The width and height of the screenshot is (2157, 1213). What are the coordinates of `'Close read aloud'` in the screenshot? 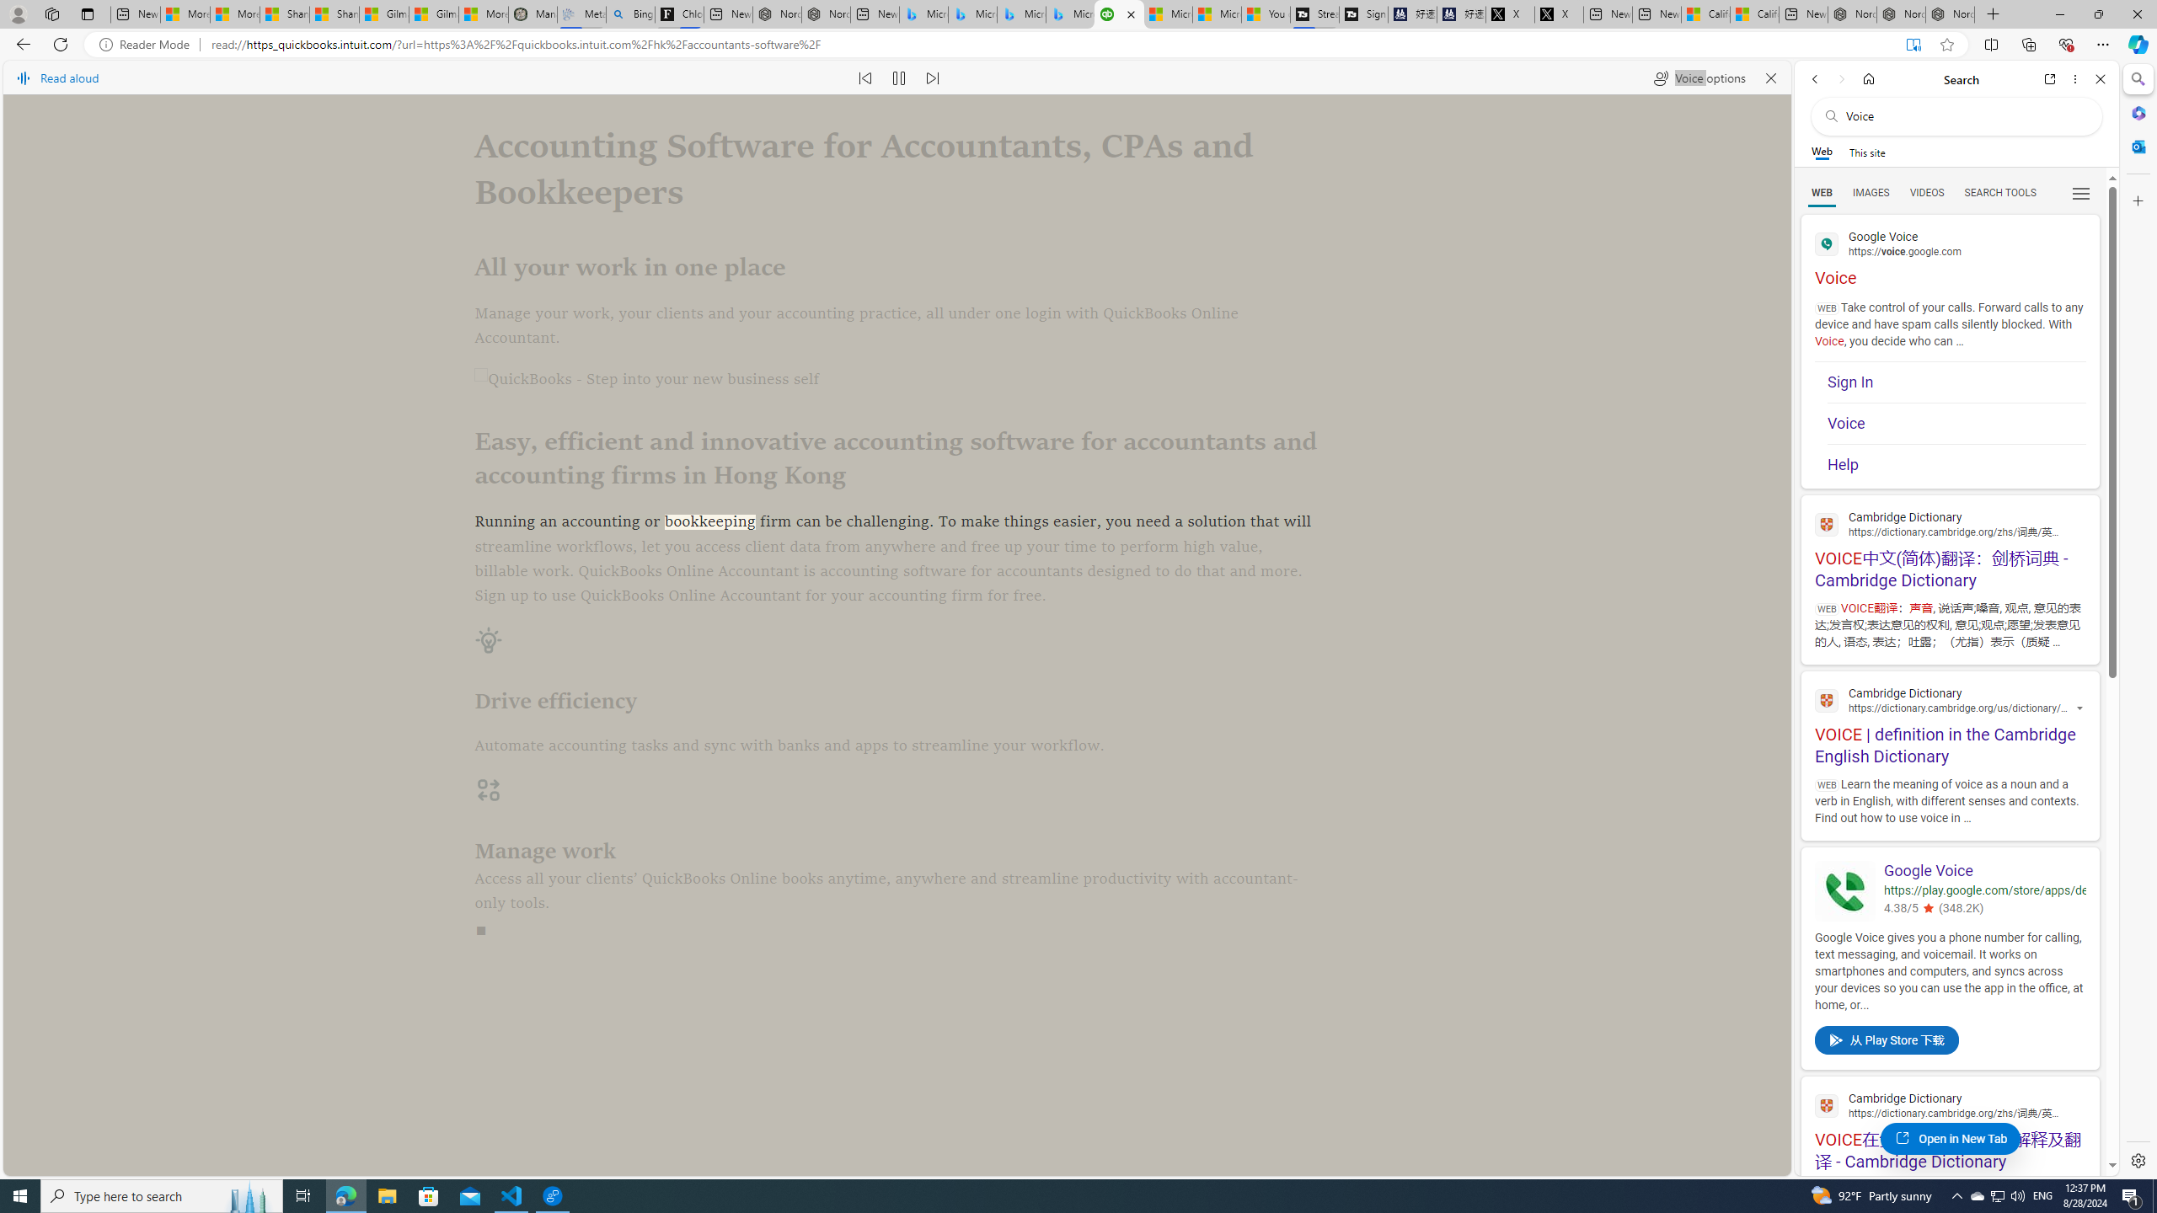 It's located at (1769, 77).